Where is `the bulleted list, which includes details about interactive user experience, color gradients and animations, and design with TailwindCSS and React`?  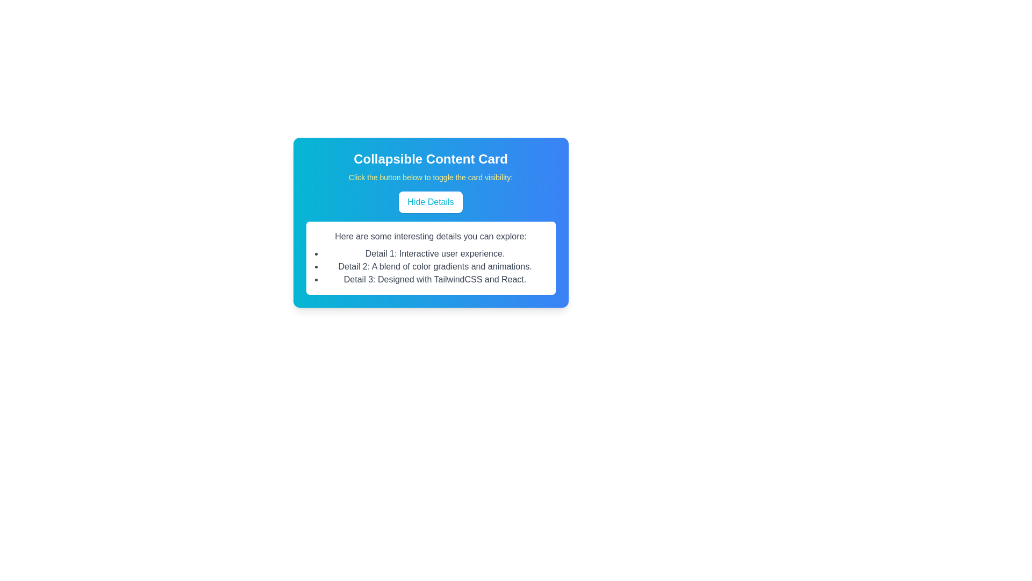 the bulleted list, which includes details about interactive user experience, color gradients and animations, and design with TailwindCSS and React is located at coordinates (431, 266).